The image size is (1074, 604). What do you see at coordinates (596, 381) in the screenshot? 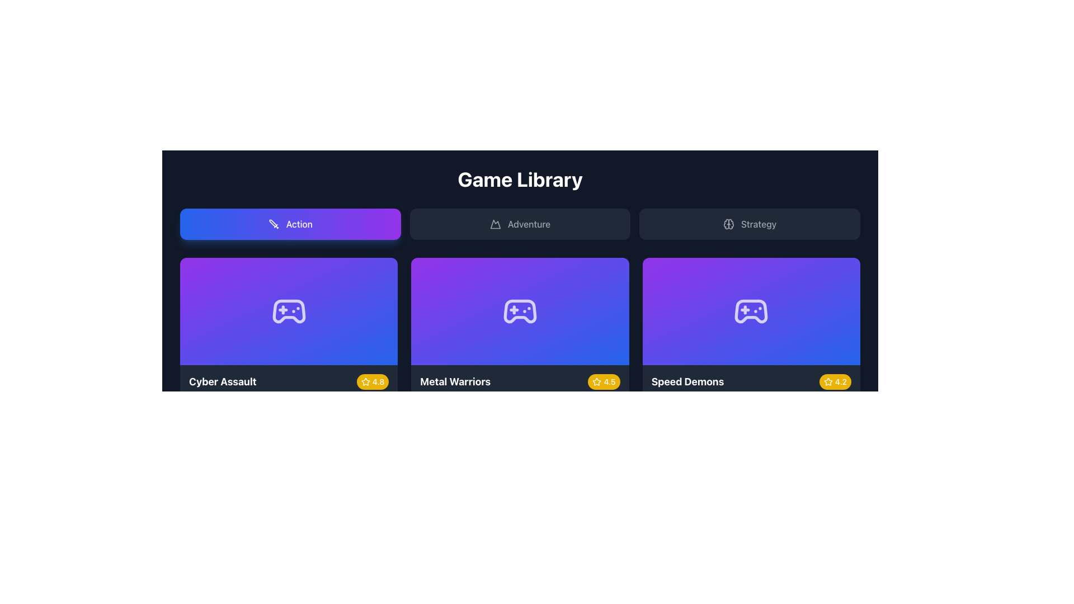
I see `the outlined star icon with a white border located within the yellow circular badge beside the rating '4.5' in the 'Metal Warriors' box in the game grid` at bounding box center [596, 381].